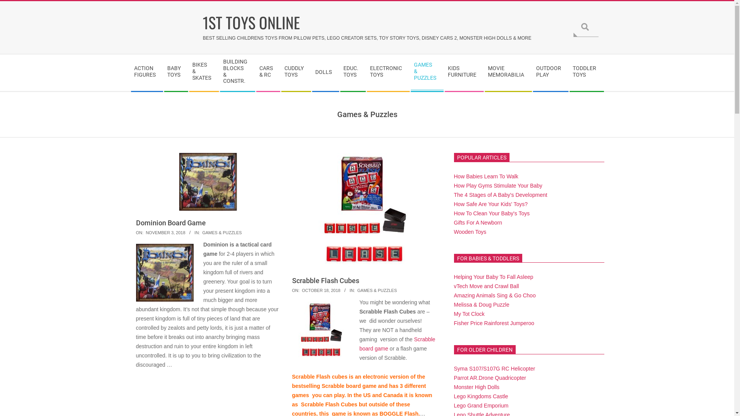  Describe the element at coordinates (255, 73) in the screenshot. I see `'CARS & RC'` at that location.